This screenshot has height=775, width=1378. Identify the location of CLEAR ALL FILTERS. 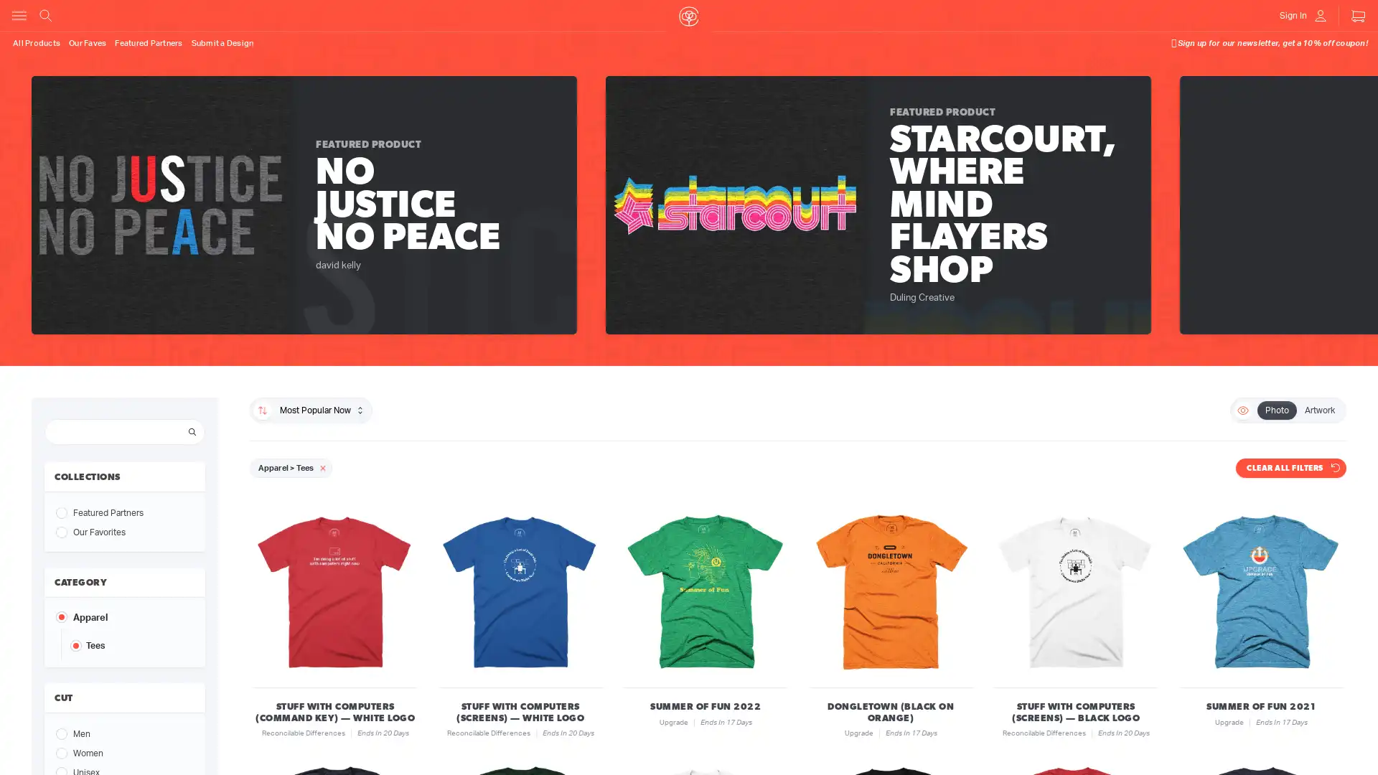
(1291, 486).